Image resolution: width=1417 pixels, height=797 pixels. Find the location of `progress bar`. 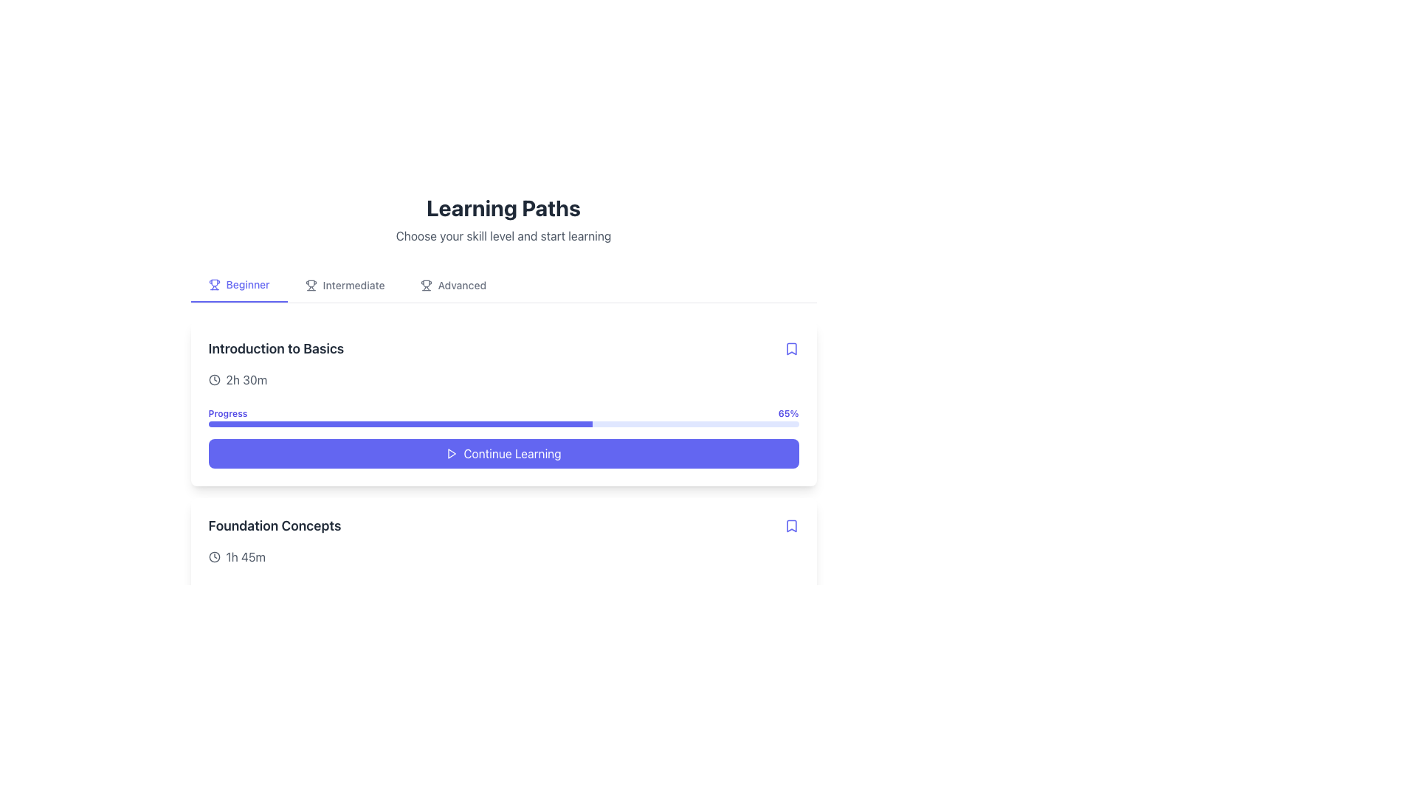

progress bar is located at coordinates (497, 424).